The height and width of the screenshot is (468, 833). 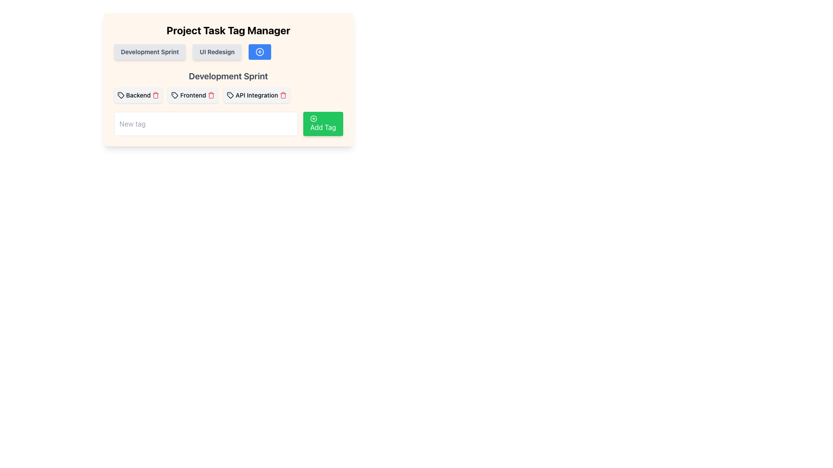 What do you see at coordinates (259, 52) in the screenshot?
I see `the button with a blue background and a white circular '+' icon located below the 'Project Task Tag Manager' heading` at bounding box center [259, 52].